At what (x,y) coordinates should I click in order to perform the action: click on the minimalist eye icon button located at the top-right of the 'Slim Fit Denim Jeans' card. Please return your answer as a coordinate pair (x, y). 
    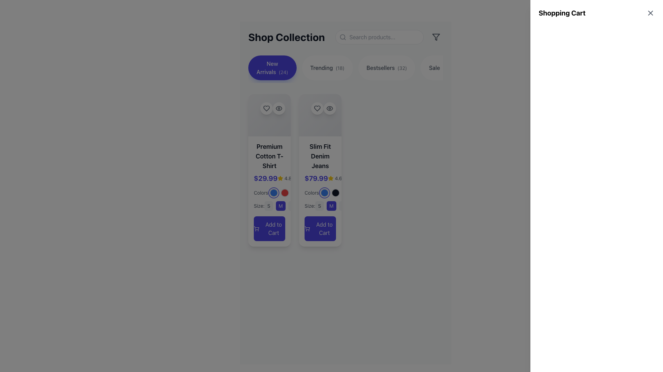
    Looking at the image, I should click on (329, 108).